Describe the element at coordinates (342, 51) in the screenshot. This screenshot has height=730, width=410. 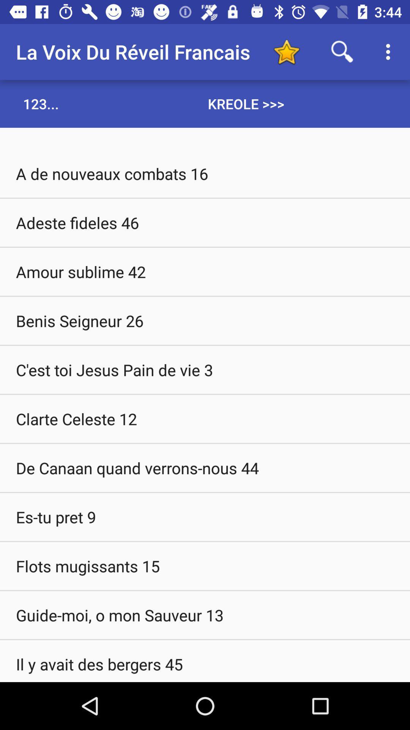
I see `magnify or search` at that location.